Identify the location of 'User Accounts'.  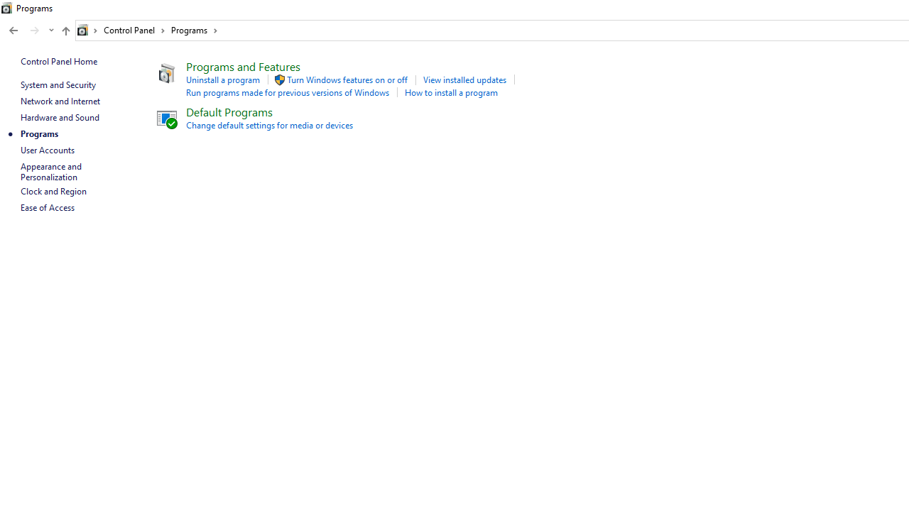
(48, 150).